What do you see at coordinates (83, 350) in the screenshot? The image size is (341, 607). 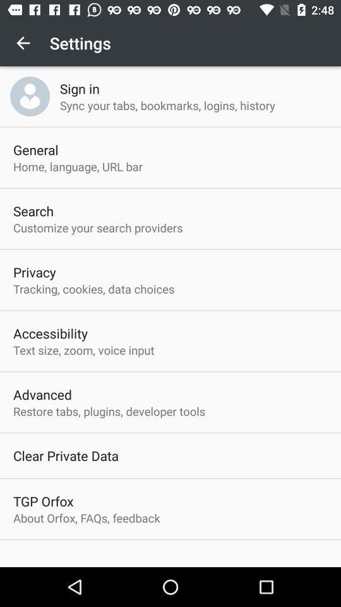 I see `the app above the advanced icon` at bounding box center [83, 350].